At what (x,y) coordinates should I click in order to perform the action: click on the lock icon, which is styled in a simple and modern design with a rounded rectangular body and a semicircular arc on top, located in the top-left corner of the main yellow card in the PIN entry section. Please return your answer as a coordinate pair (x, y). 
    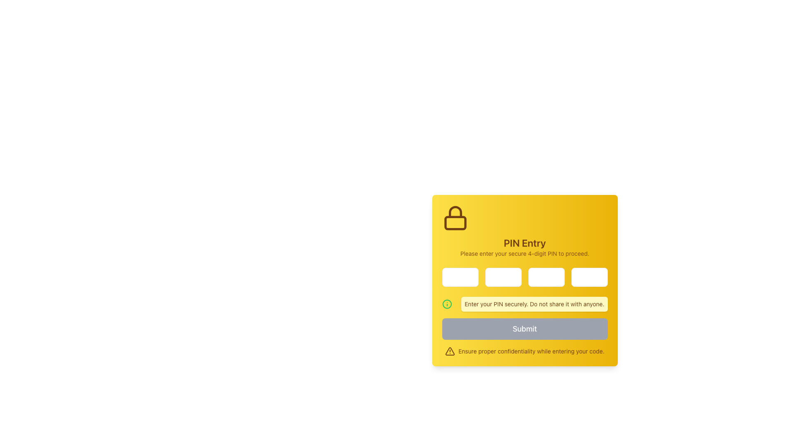
    Looking at the image, I should click on (455, 218).